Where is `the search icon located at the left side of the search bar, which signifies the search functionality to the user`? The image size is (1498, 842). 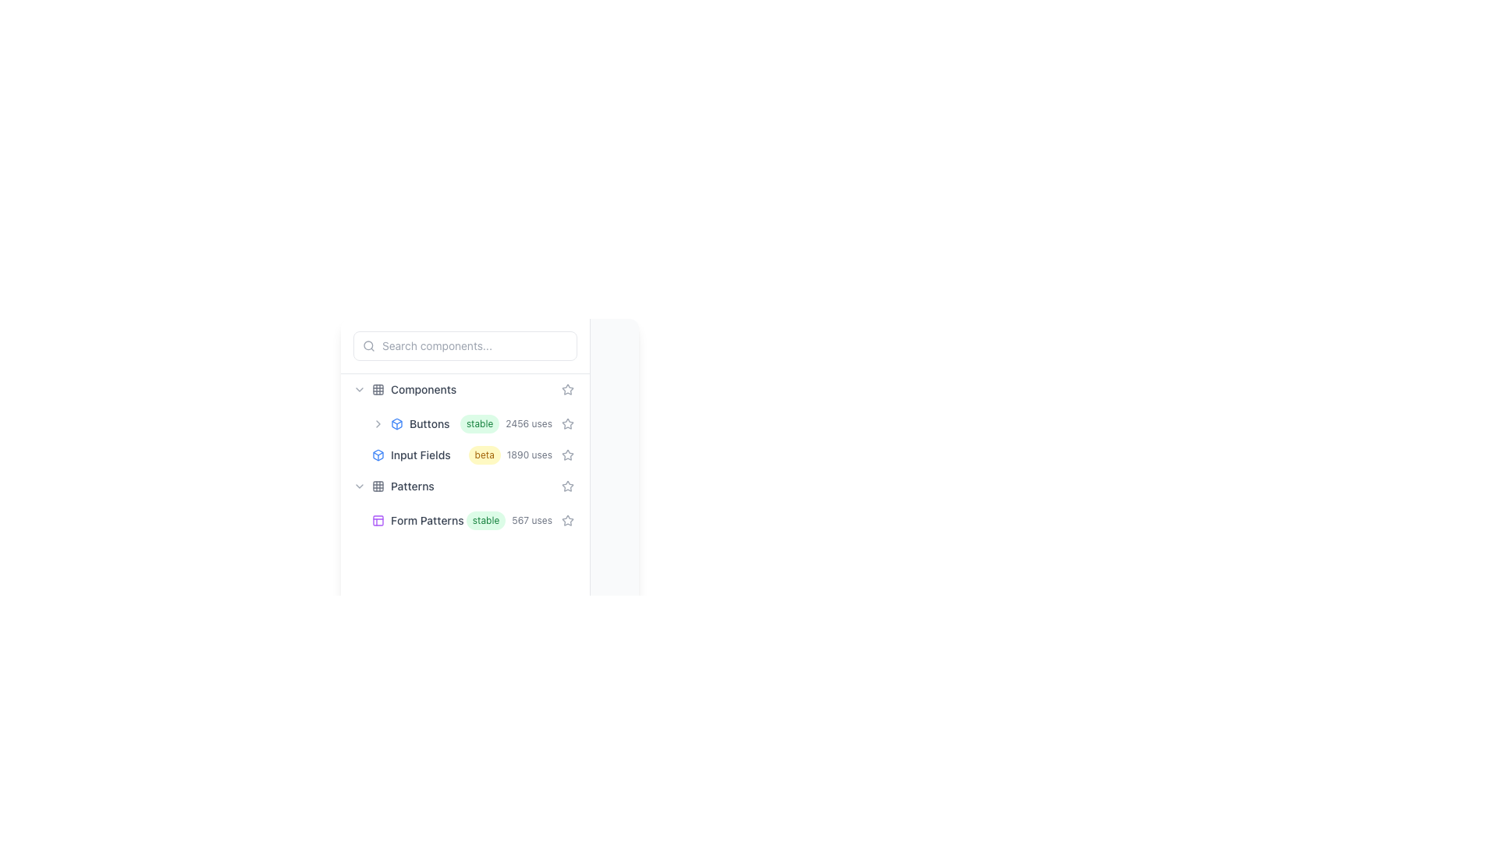 the search icon located at the left side of the search bar, which signifies the search functionality to the user is located at coordinates (368, 345).